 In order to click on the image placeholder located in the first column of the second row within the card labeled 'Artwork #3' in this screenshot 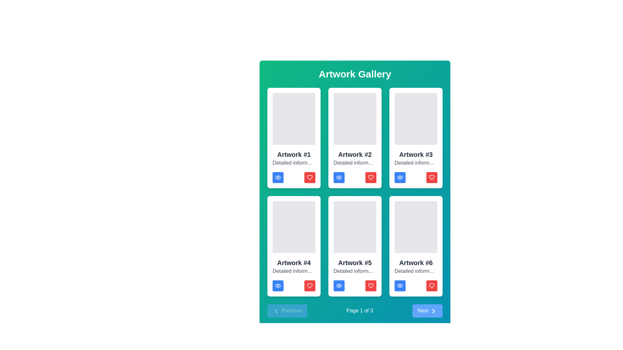, I will do `click(416, 119)`.